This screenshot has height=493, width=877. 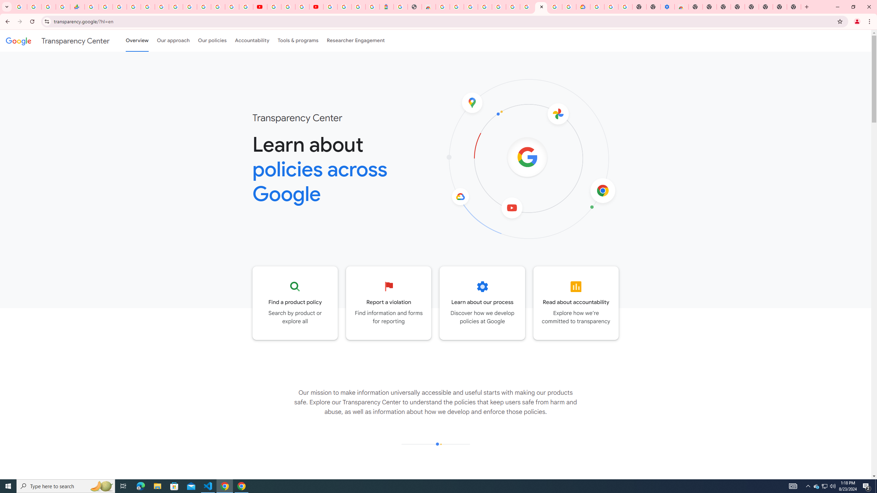 What do you see at coordinates (870, 21) in the screenshot?
I see `'Chrome'` at bounding box center [870, 21].